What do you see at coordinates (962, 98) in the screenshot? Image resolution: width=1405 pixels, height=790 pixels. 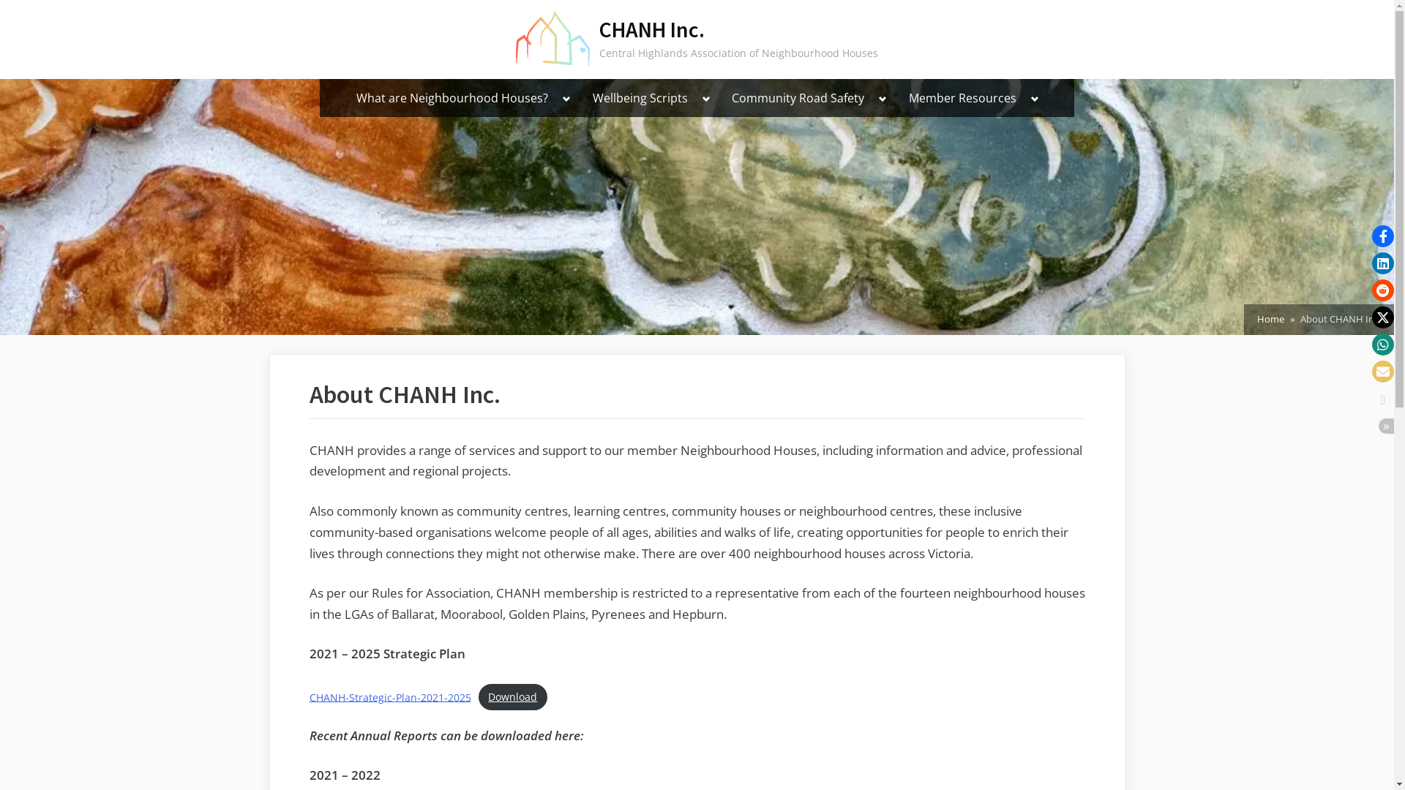 I see `'Member Resources'` at bounding box center [962, 98].